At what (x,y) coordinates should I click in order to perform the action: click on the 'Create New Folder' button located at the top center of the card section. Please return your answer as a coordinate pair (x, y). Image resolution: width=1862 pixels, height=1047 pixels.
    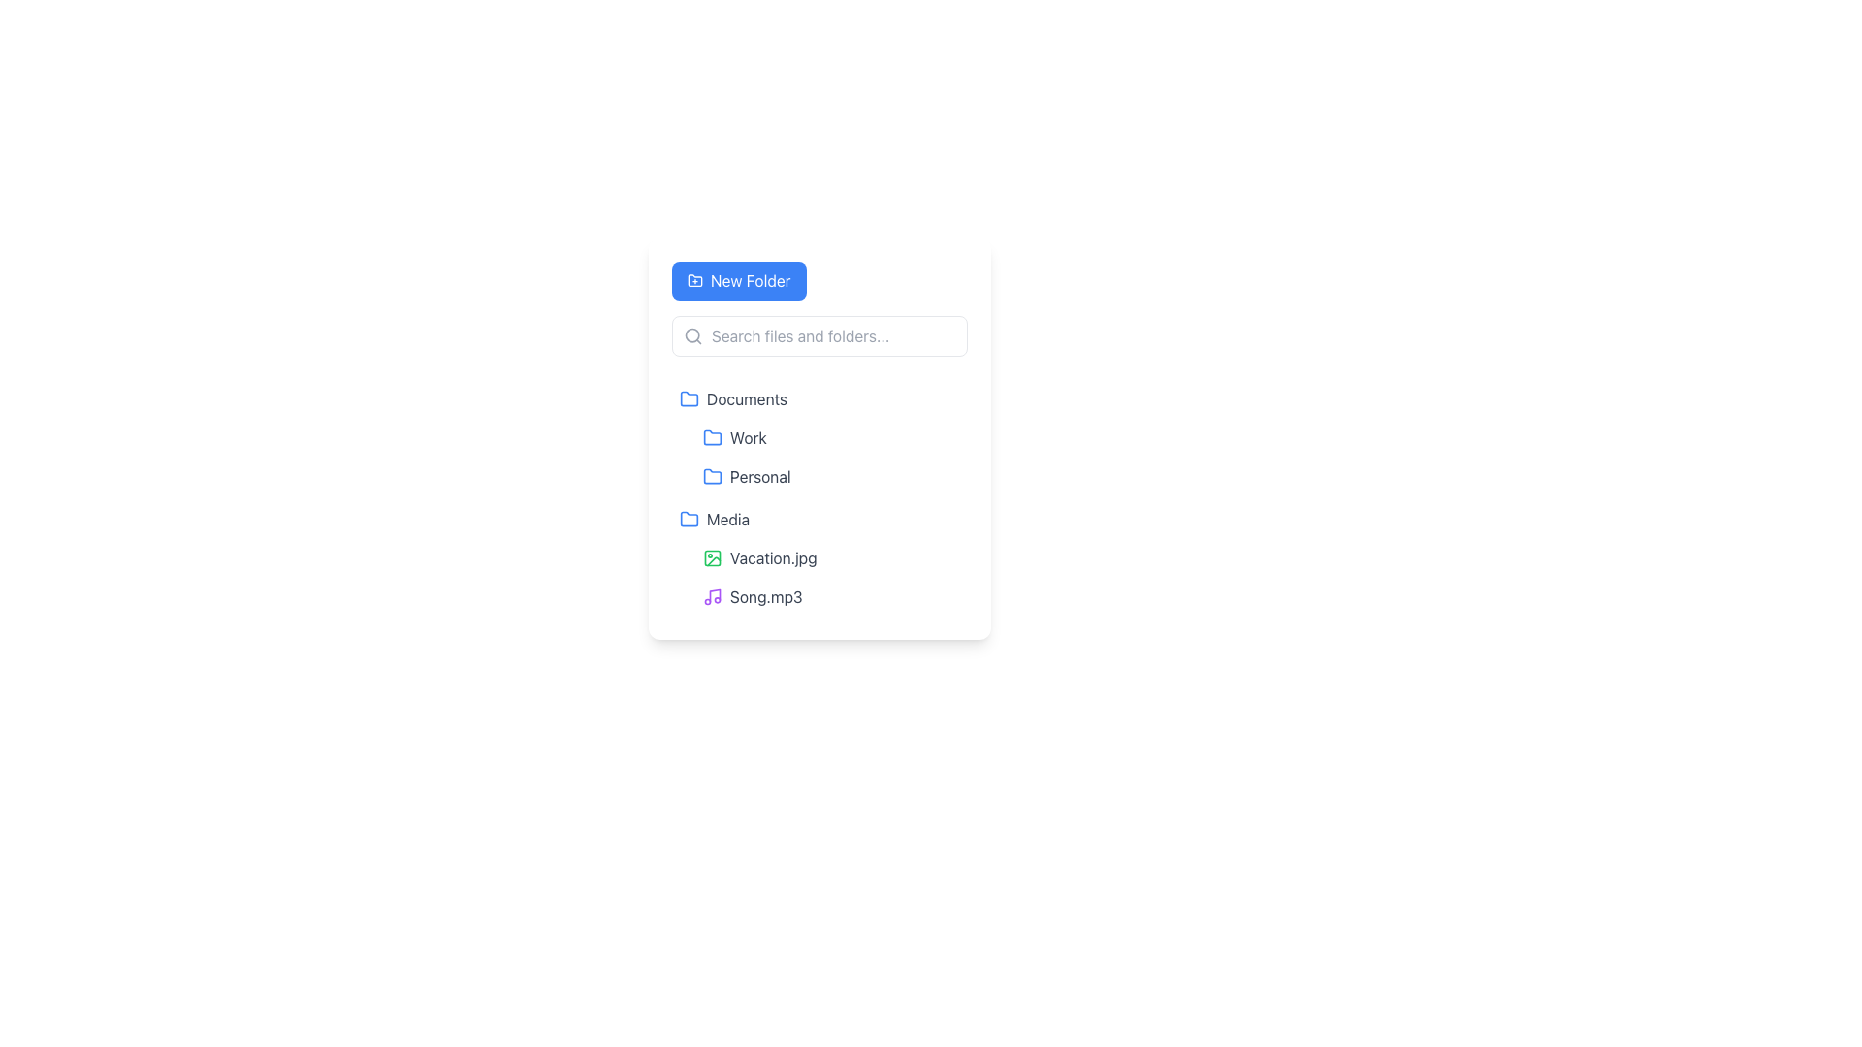
    Looking at the image, I should click on (819, 308).